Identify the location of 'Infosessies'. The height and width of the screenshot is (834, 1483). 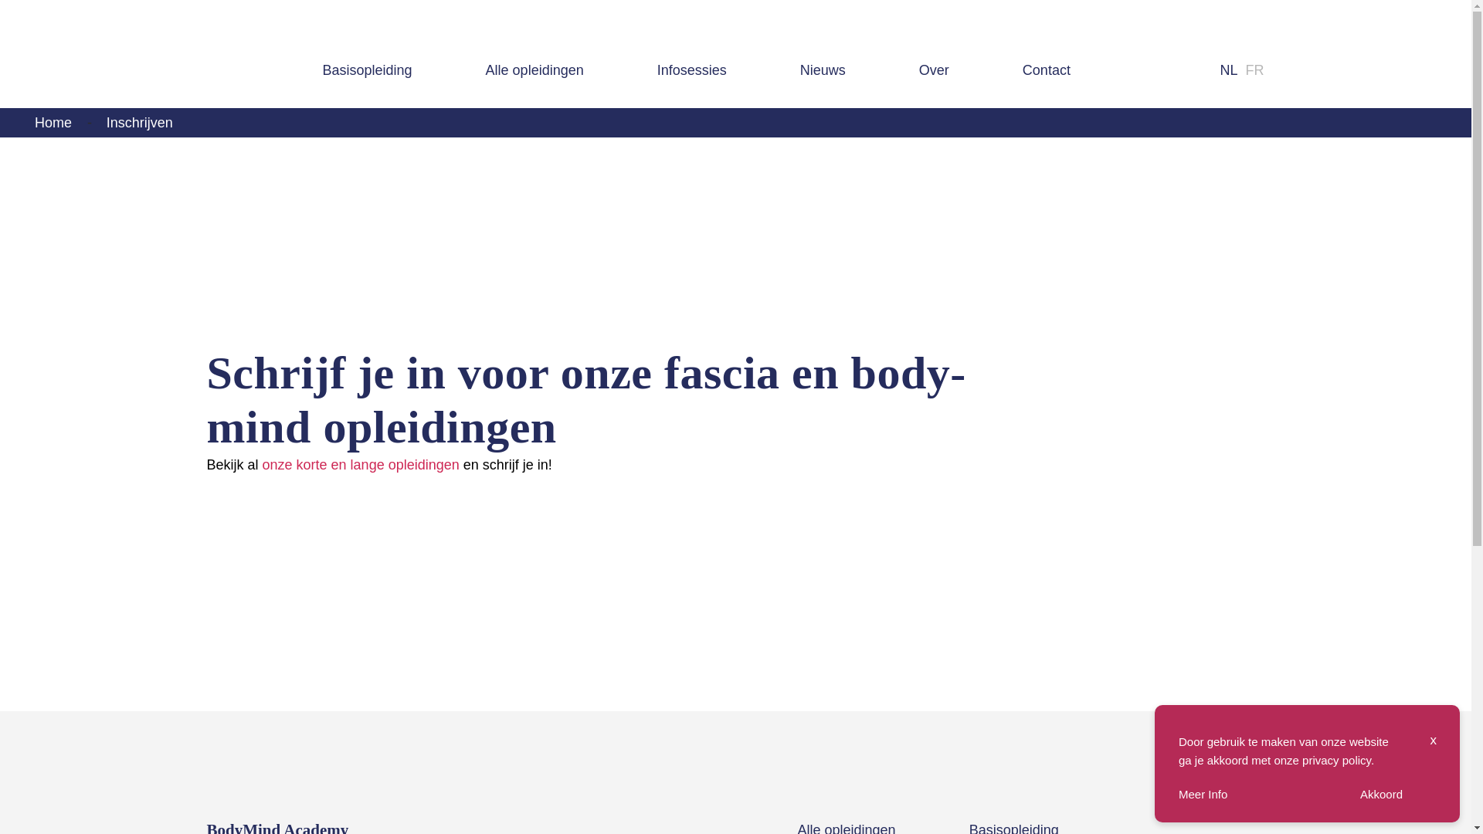
(657, 70).